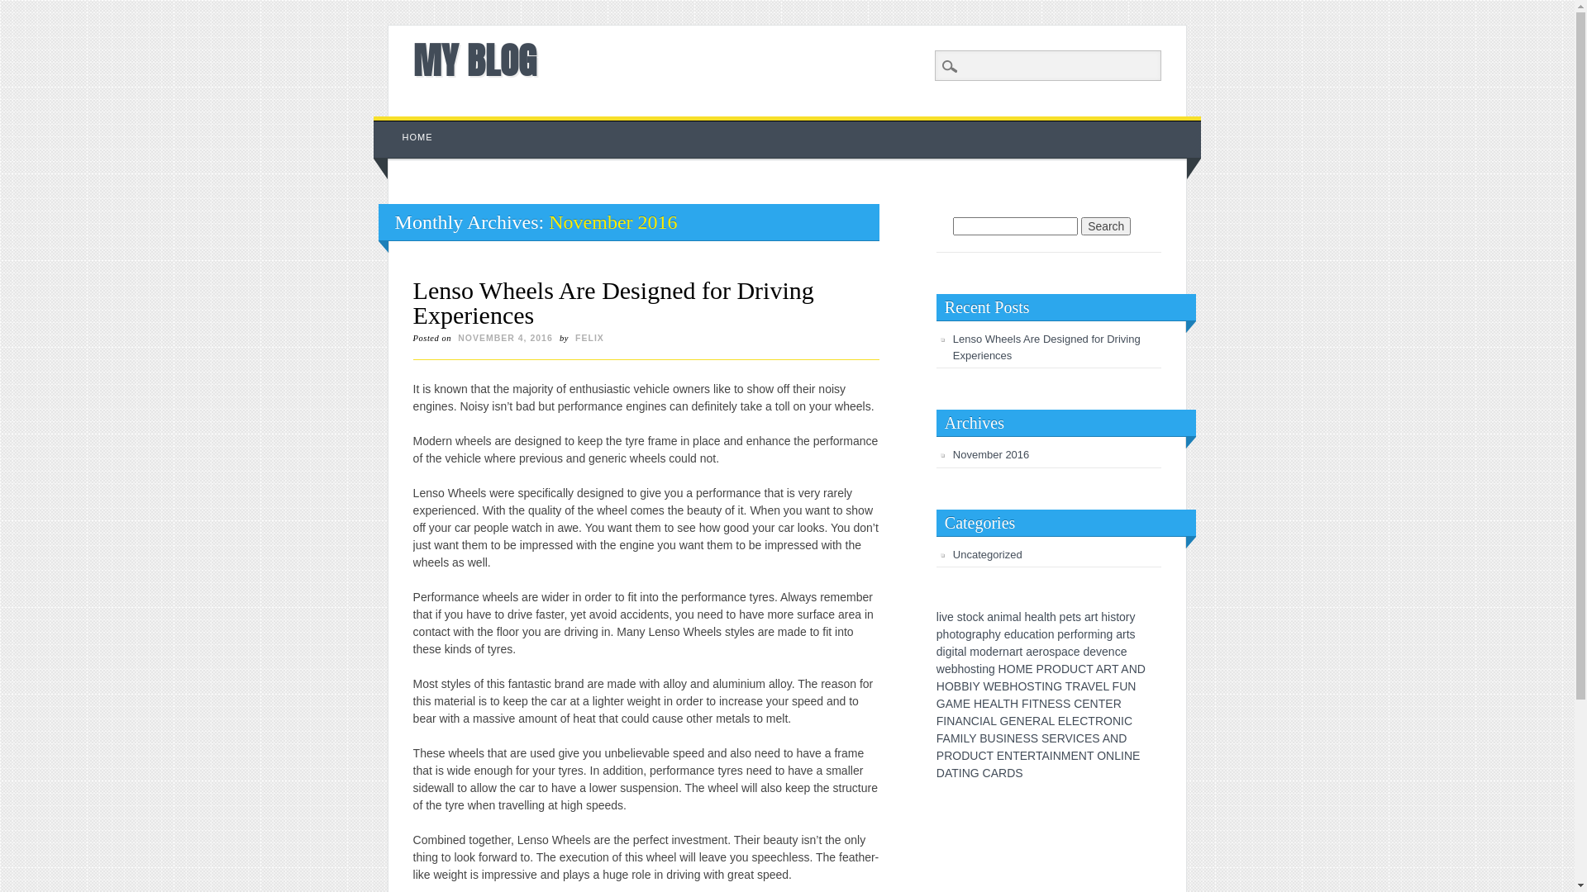 This screenshot has width=1587, height=892. What do you see at coordinates (1014, 617) in the screenshot?
I see `'a'` at bounding box center [1014, 617].